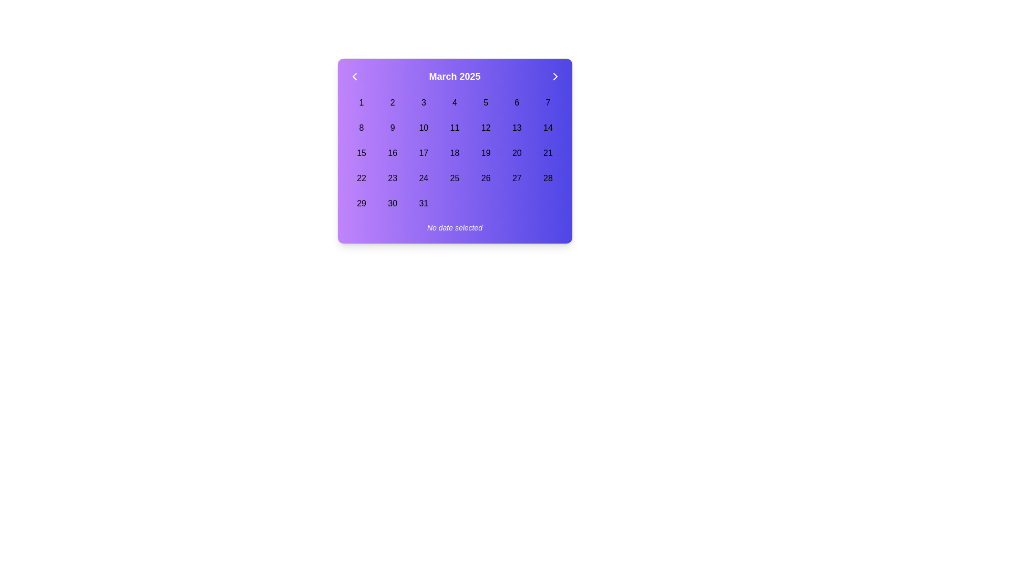 The width and height of the screenshot is (1009, 567). I want to click on the left-pointing chevron SVG icon located at the top-left of the calendar interface, adjacent to the text 'March 2025', so click(354, 76).